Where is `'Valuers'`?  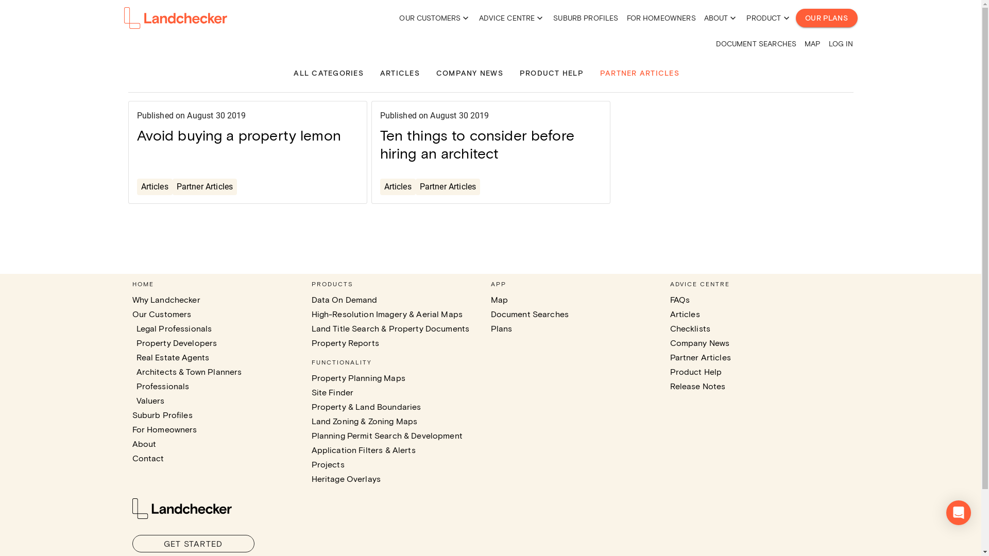 'Valuers' is located at coordinates (149, 400).